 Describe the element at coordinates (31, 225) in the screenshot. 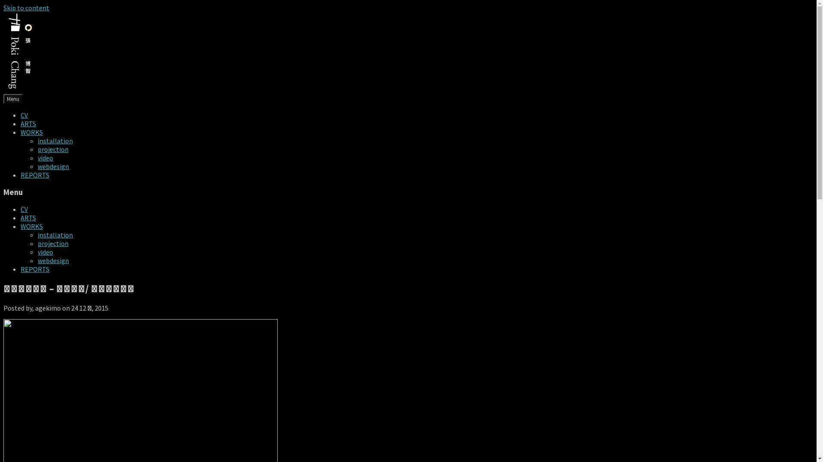

I see `'WORKS'` at that location.